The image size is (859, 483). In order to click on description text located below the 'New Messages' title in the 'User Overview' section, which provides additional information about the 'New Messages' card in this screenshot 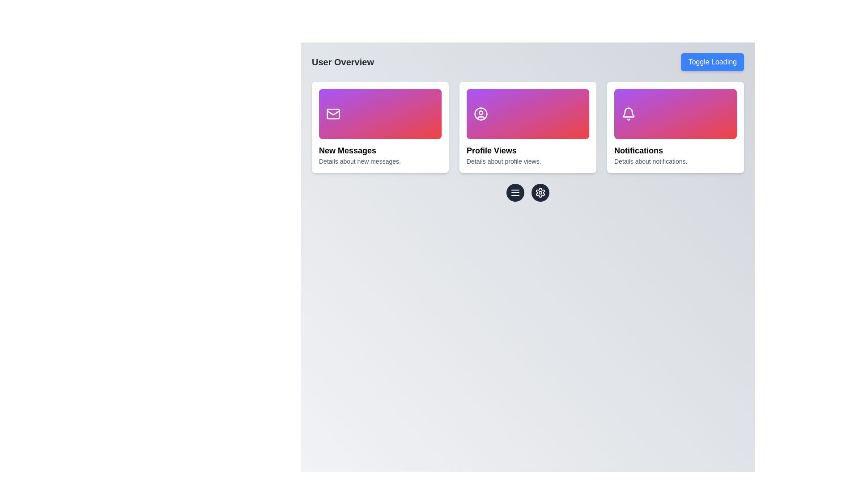, I will do `click(360, 161)`.